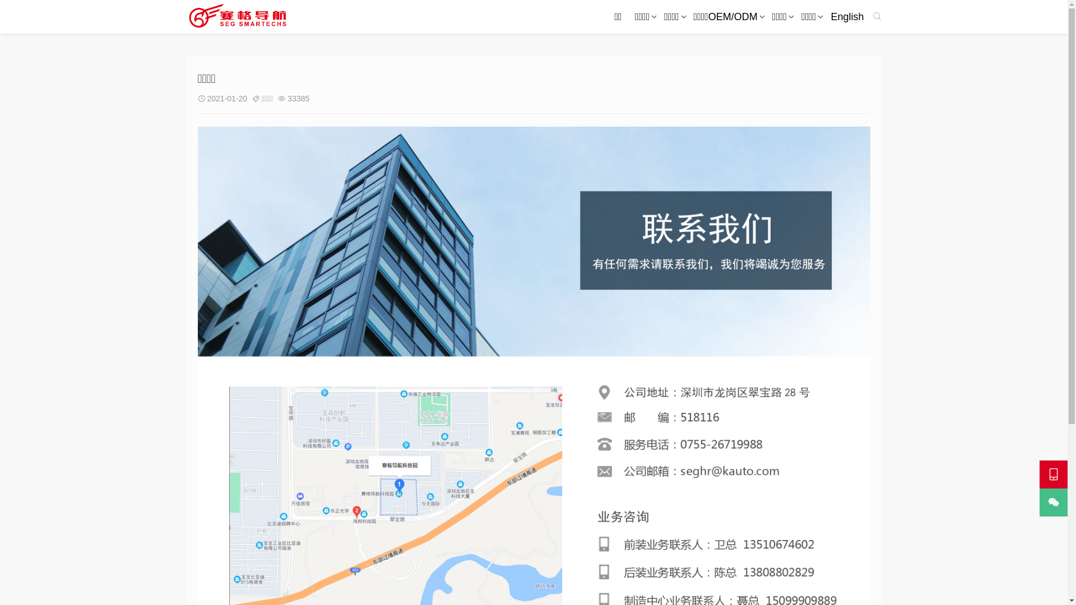  What do you see at coordinates (847, 17) in the screenshot?
I see `'English'` at bounding box center [847, 17].